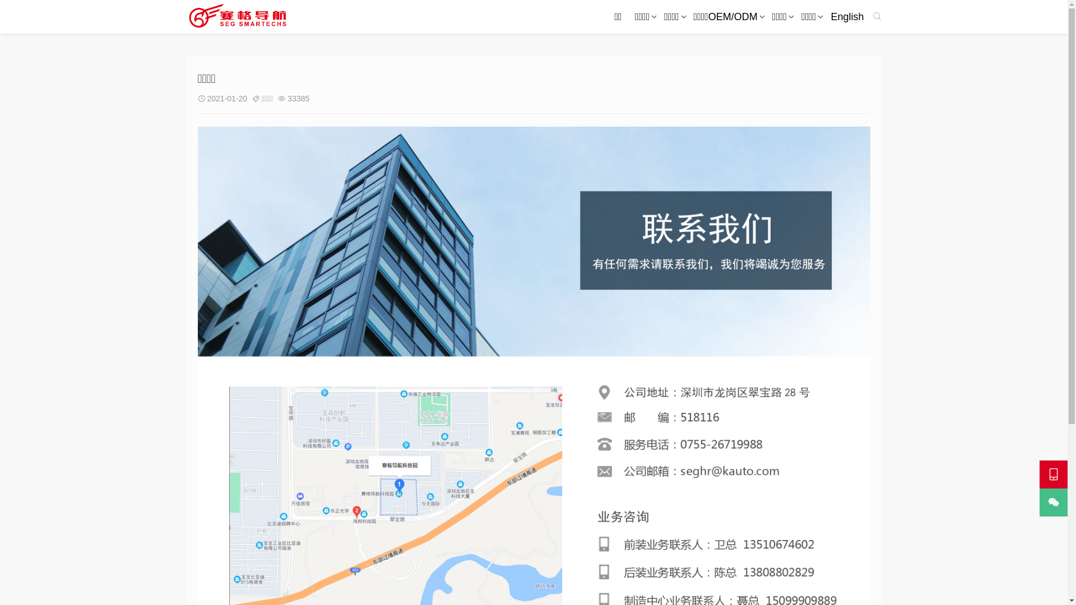  What do you see at coordinates (847, 17) in the screenshot?
I see `'English'` at bounding box center [847, 17].